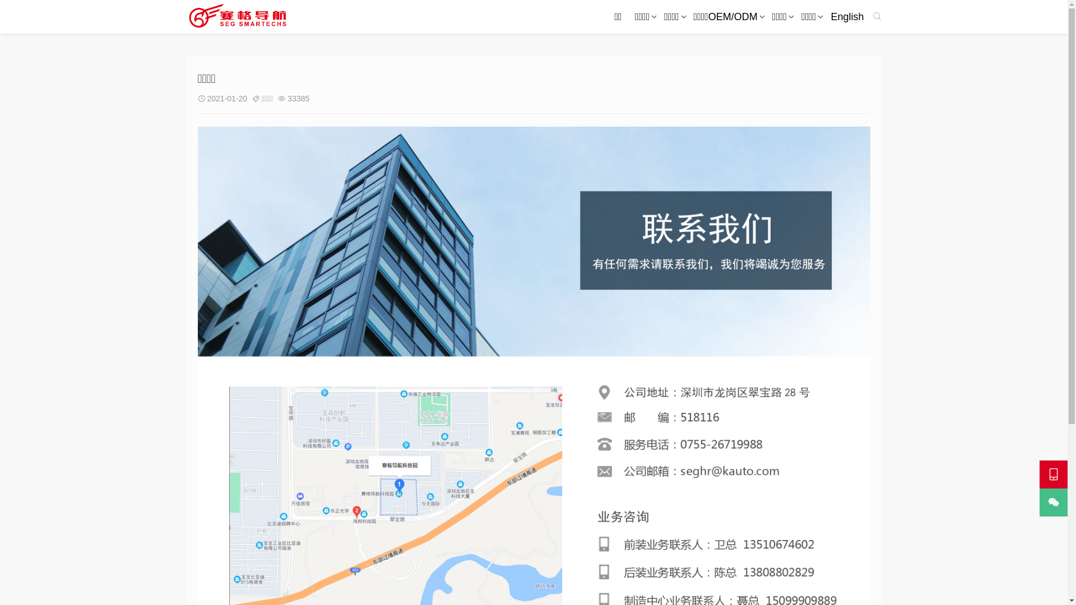  What do you see at coordinates (847, 17) in the screenshot?
I see `'English'` at bounding box center [847, 17].